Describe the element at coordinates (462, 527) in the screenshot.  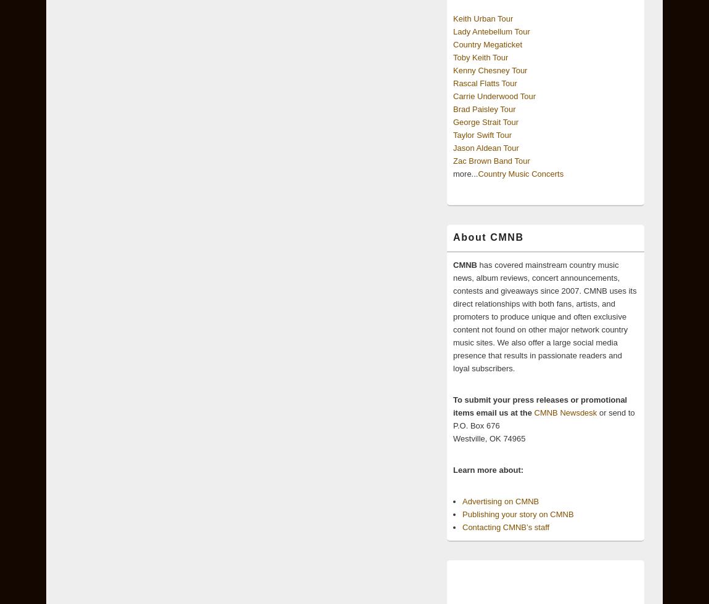
I see `'Contacting CMNB’s staff'` at that location.